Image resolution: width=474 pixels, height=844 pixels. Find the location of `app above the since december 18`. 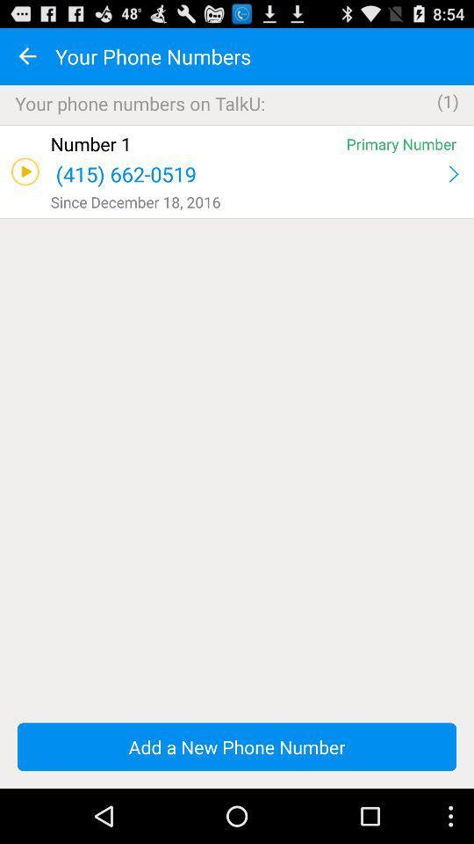

app above the since december 18 is located at coordinates (247, 174).